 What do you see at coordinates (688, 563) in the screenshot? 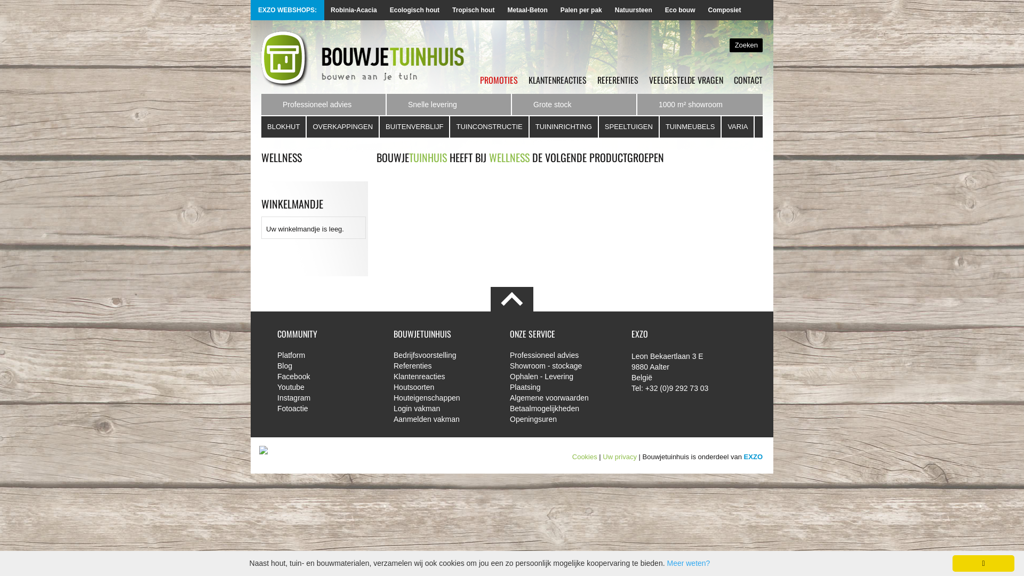
I see `'Meer weten?'` at bounding box center [688, 563].